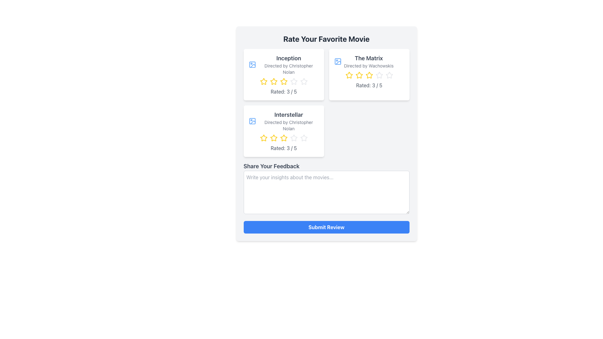 The width and height of the screenshot is (603, 339). Describe the element at coordinates (369, 58) in the screenshot. I see `the title text of the movie 'The Matrix', which is located at the top-right card in the grid of movies, directly above the text 'Directed by Wachowskis'` at that location.